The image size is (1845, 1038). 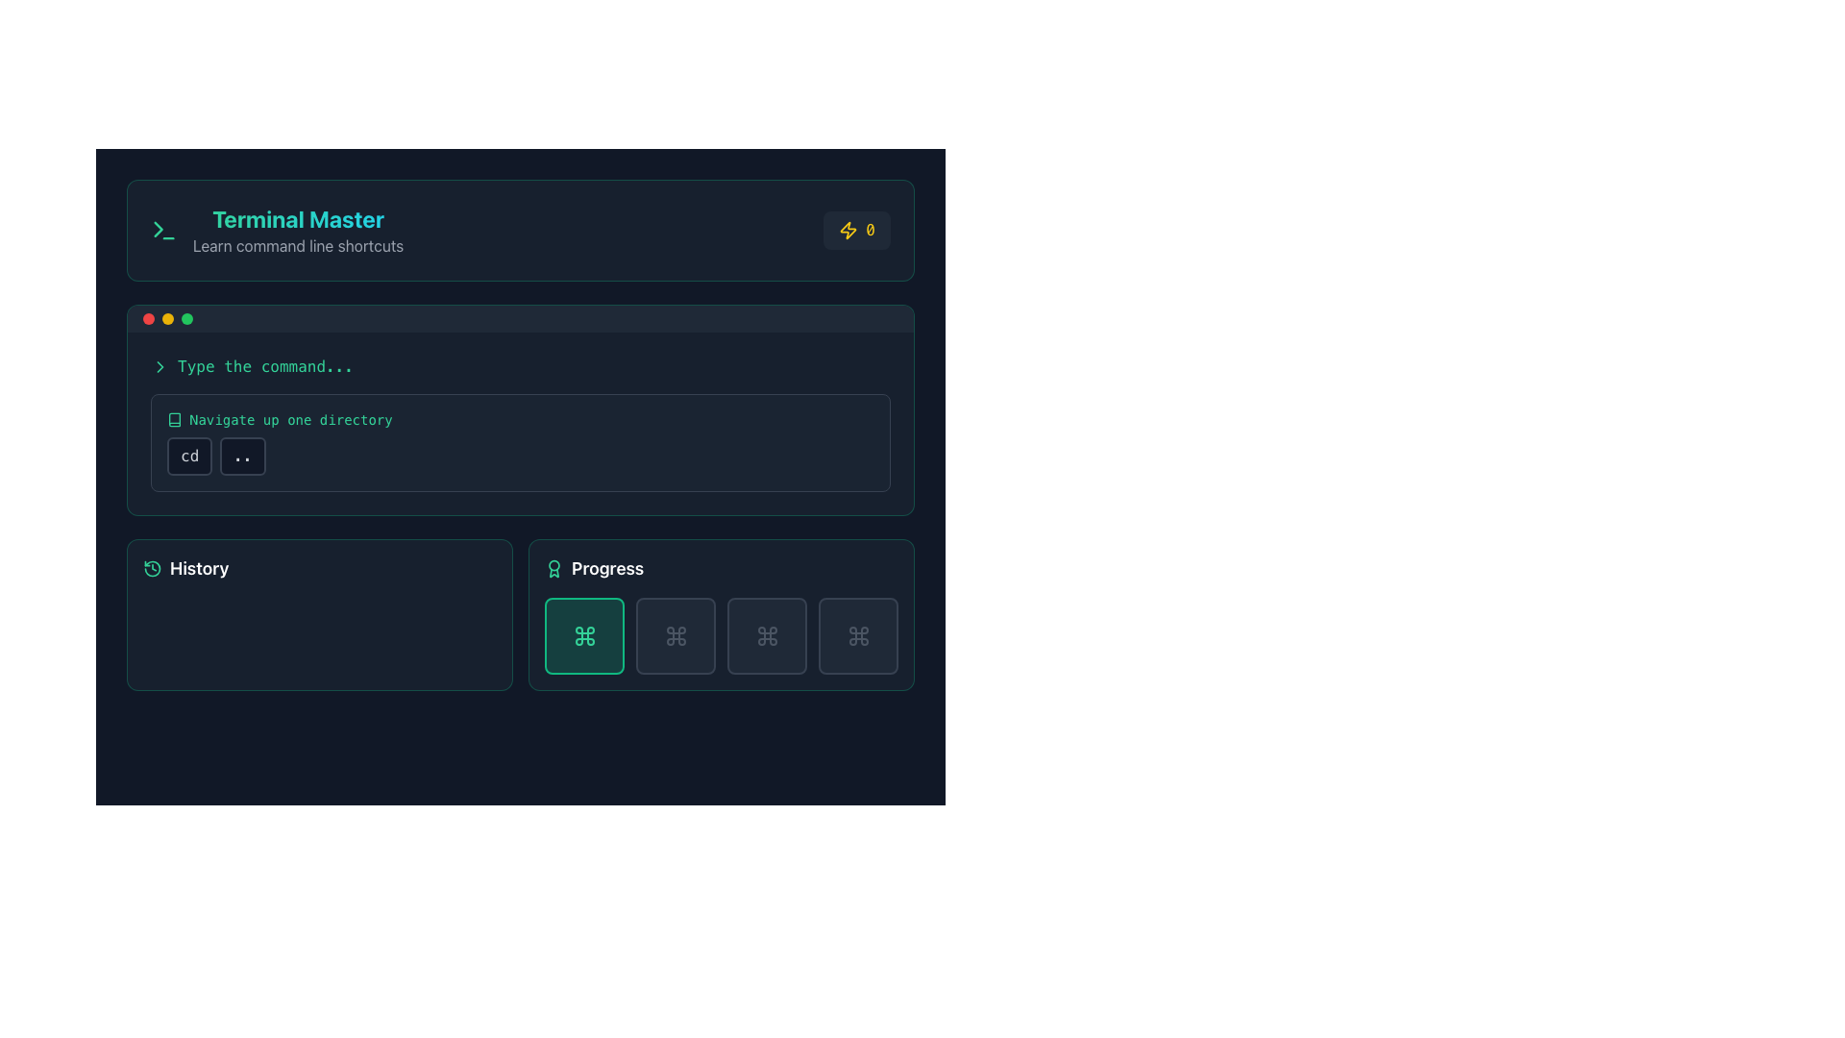 I want to click on the static text element displaying 'Type the command...' in emerald-green font, located in the upper-middle section of the terminal interface, so click(x=264, y=366).